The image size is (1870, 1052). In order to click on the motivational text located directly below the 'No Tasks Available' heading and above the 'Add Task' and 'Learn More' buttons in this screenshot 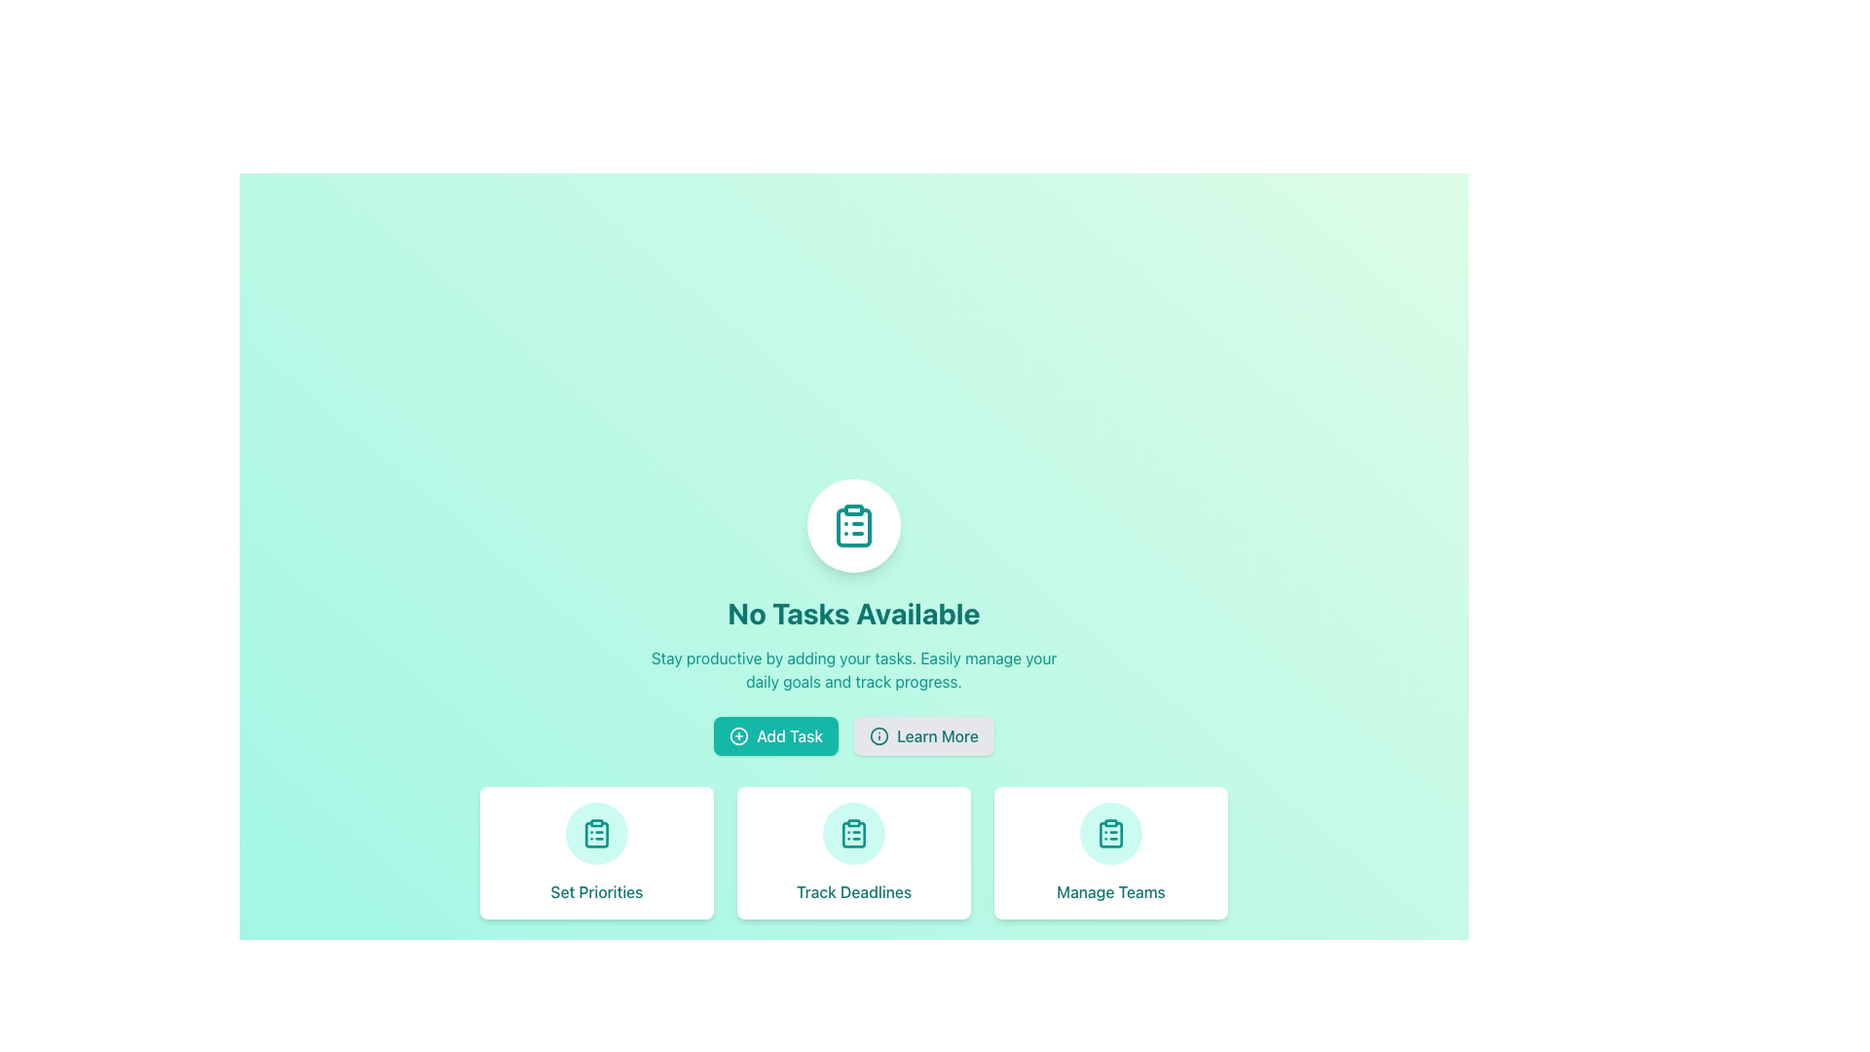, I will do `click(854, 668)`.